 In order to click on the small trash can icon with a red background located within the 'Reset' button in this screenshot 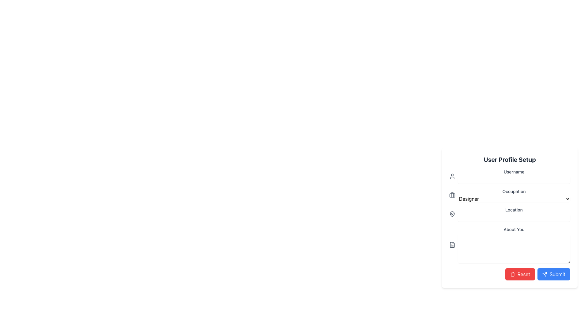, I will do `click(512, 274)`.